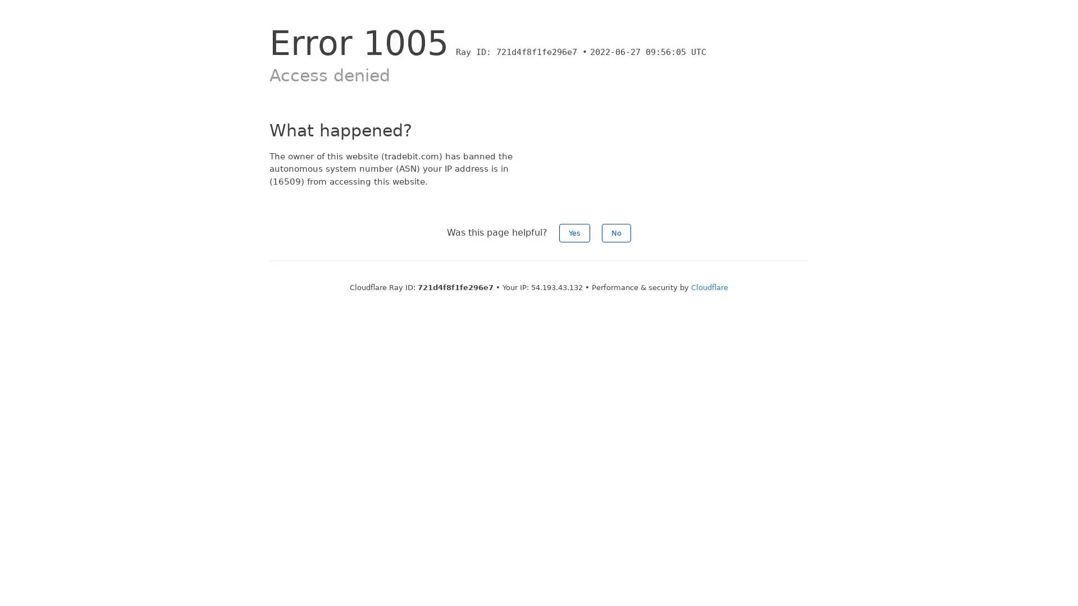 The height and width of the screenshot is (606, 1078). Describe the element at coordinates (616, 232) in the screenshot. I see `No` at that location.